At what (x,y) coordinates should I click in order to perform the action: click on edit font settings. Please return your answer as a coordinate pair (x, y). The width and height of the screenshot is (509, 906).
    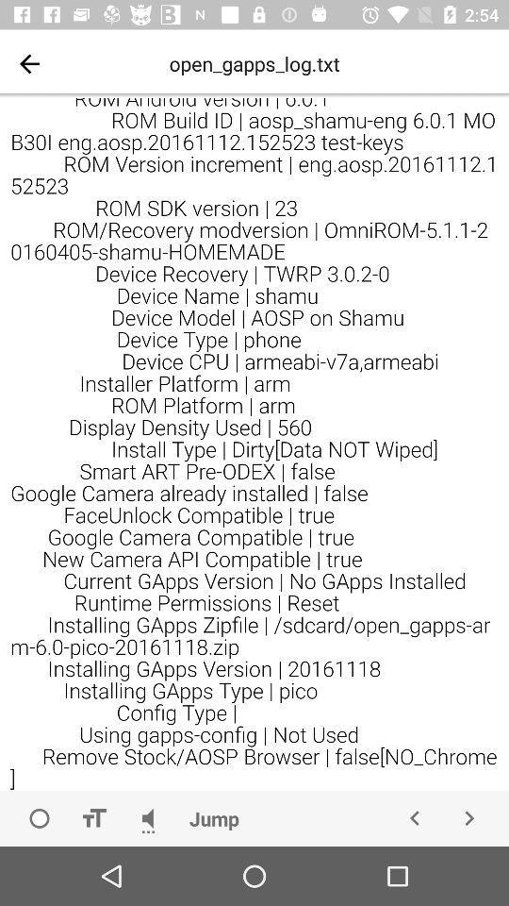
    Looking at the image, I should click on (92, 817).